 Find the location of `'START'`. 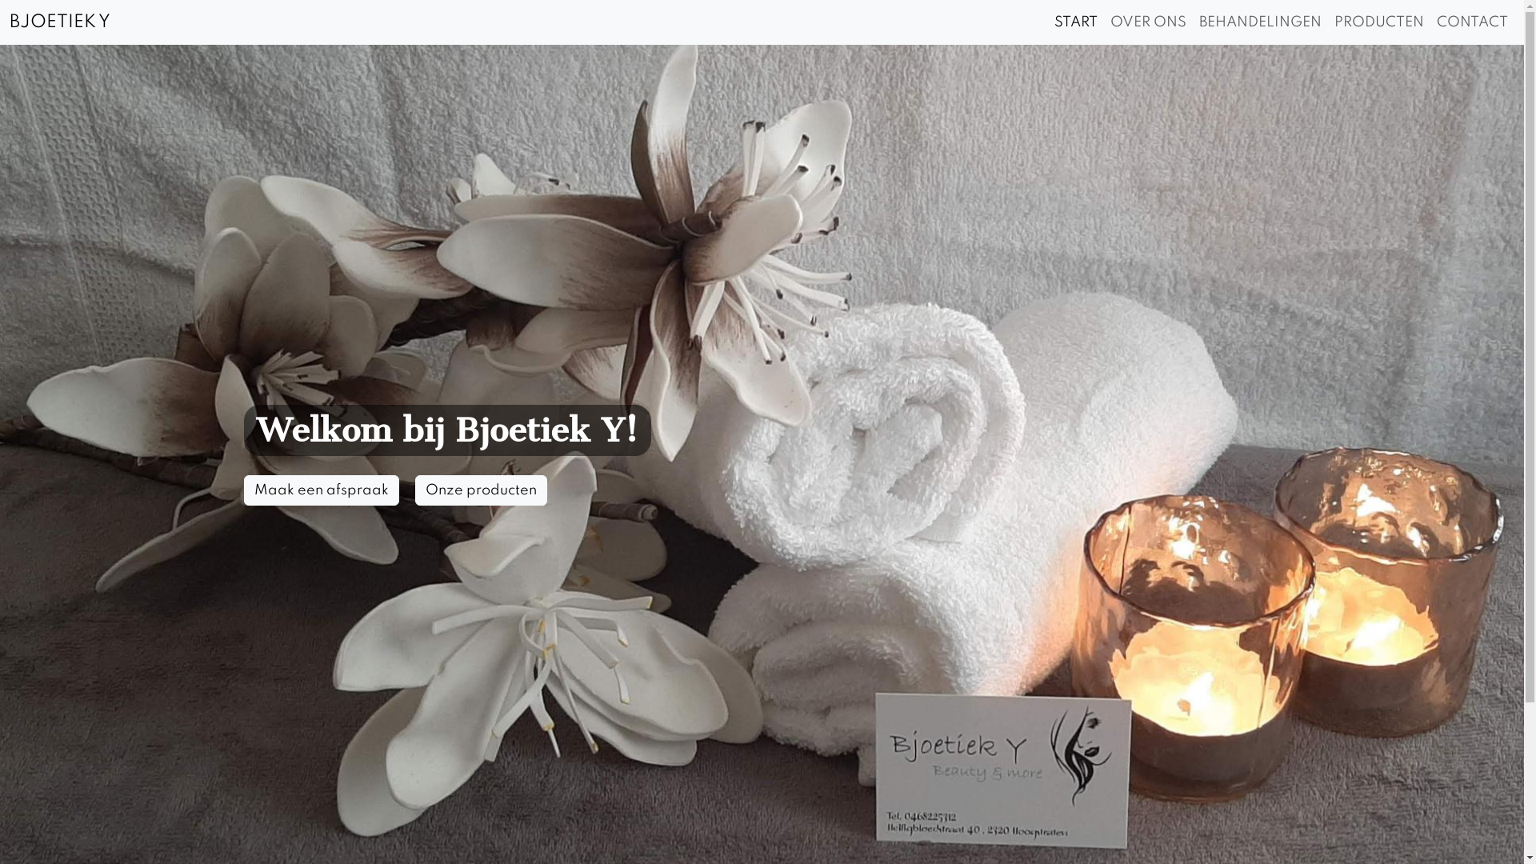

'START' is located at coordinates (1075, 22).